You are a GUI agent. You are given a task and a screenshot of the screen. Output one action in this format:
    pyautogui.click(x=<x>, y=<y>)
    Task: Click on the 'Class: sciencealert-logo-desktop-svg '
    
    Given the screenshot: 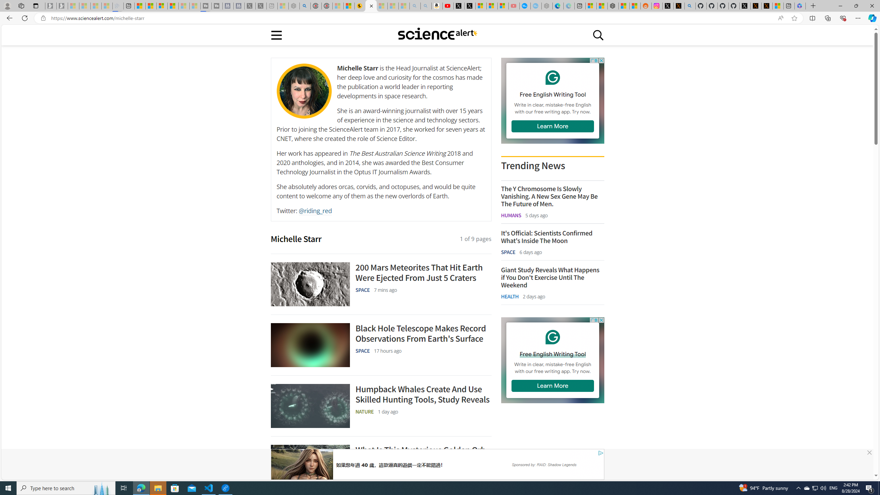 What is the action you would take?
    pyautogui.click(x=437, y=33)
    